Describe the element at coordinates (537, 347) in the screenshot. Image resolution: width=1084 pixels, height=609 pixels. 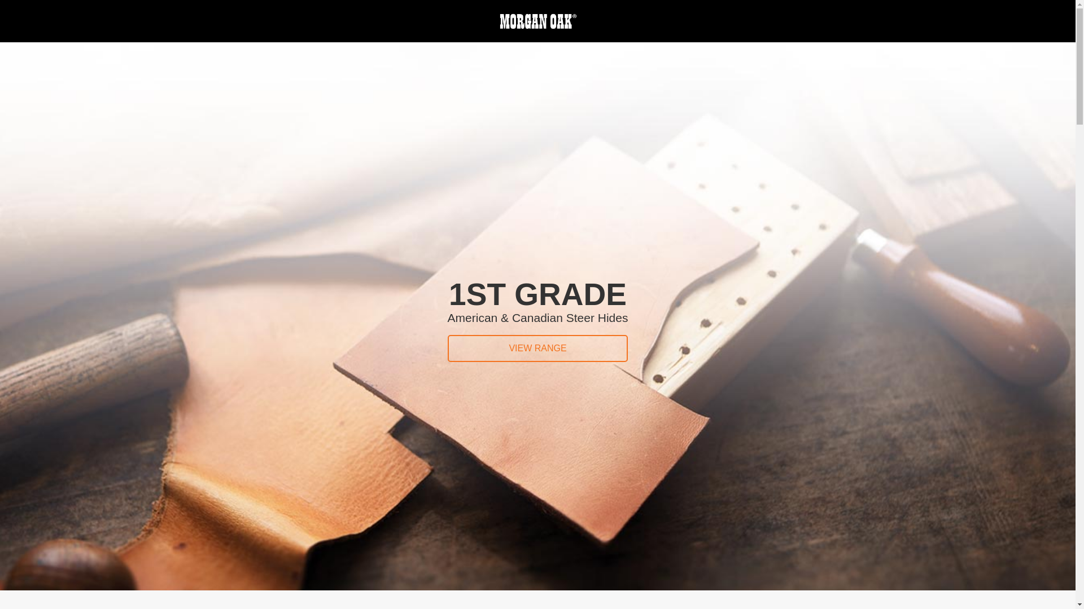
I see `'VIEW RANGE'` at that location.